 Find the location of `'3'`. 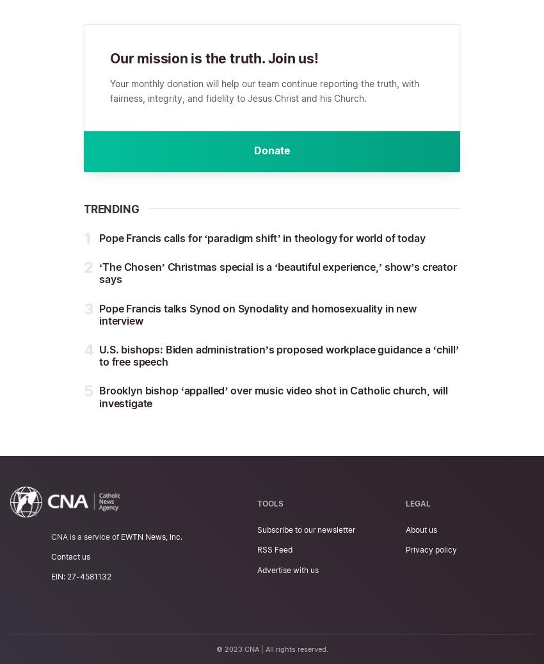

'3' is located at coordinates (88, 307).